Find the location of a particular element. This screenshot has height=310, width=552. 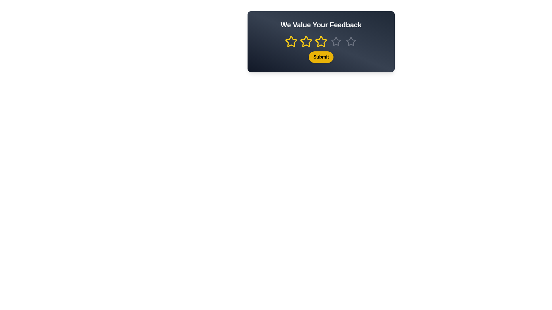

the second star icon in the five-star rating system is located at coordinates (306, 41).